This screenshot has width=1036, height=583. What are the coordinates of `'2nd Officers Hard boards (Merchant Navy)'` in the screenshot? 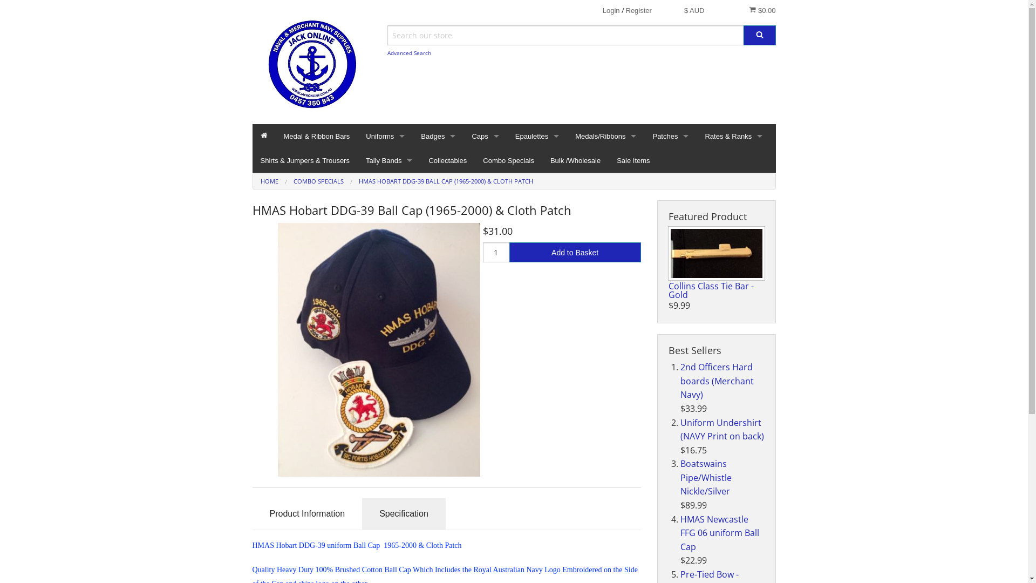 It's located at (717, 380).